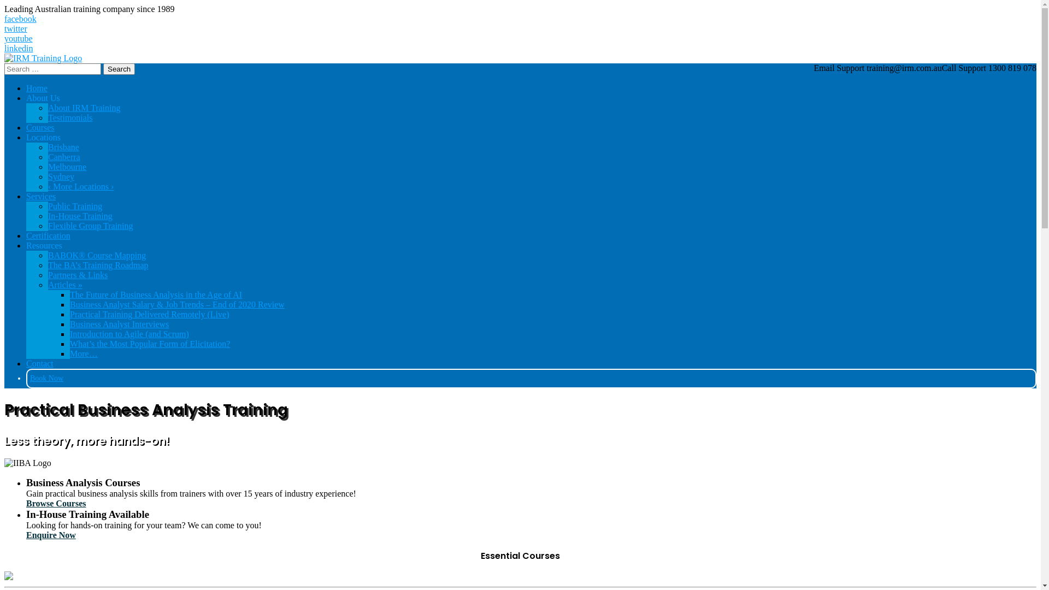  What do you see at coordinates (91, 225) in the screenshot?
I see `'Flexible Group Training'` at bounding box center [91, 225].